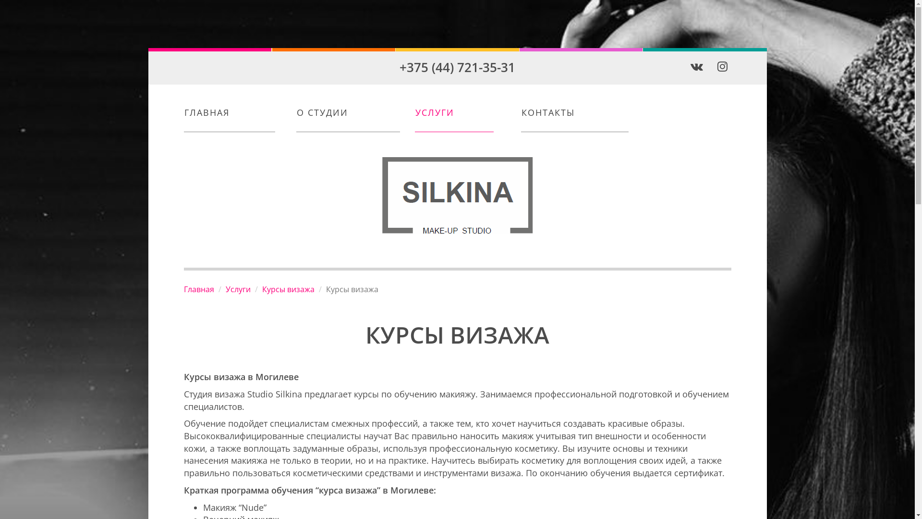 Image resolution: width=922 pixels, height=519 pixels. What do you see at coordinates (457, 66) in the screenshot?
I see `'+375 (44) 721-35-31'` at bounding box center [457, 66].